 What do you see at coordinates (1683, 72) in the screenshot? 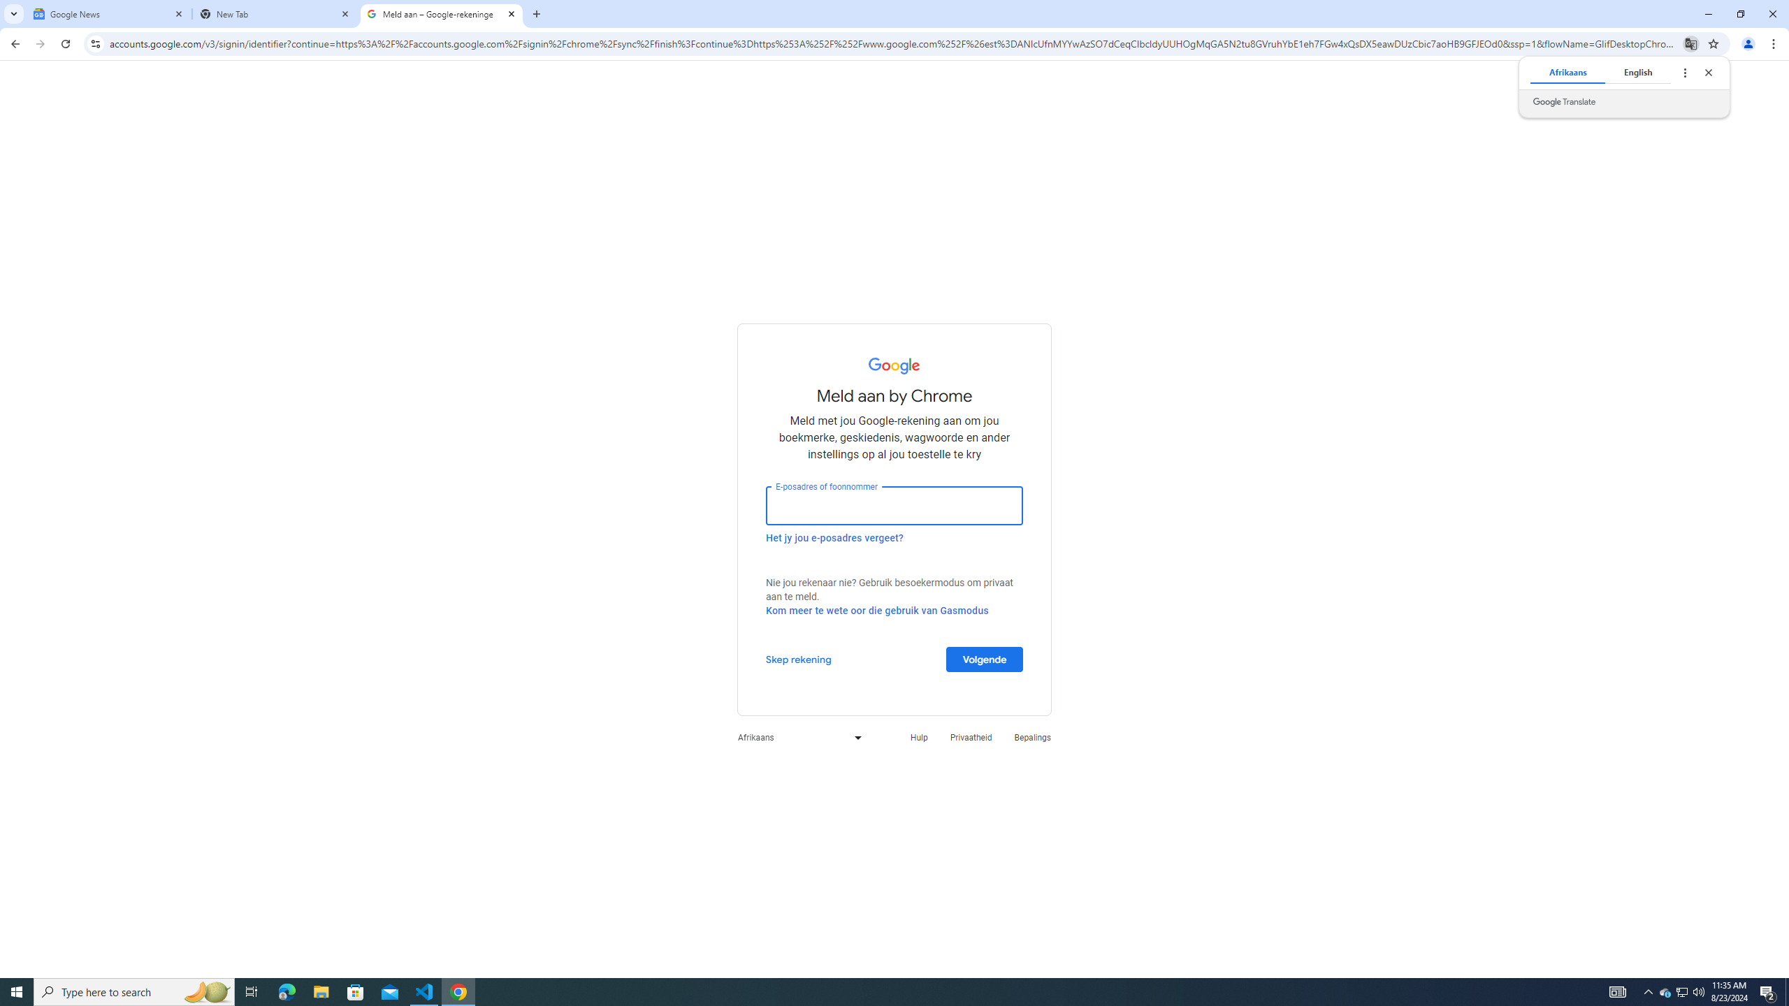
I see `'Translate options'` at bounding box center [1683, 72].